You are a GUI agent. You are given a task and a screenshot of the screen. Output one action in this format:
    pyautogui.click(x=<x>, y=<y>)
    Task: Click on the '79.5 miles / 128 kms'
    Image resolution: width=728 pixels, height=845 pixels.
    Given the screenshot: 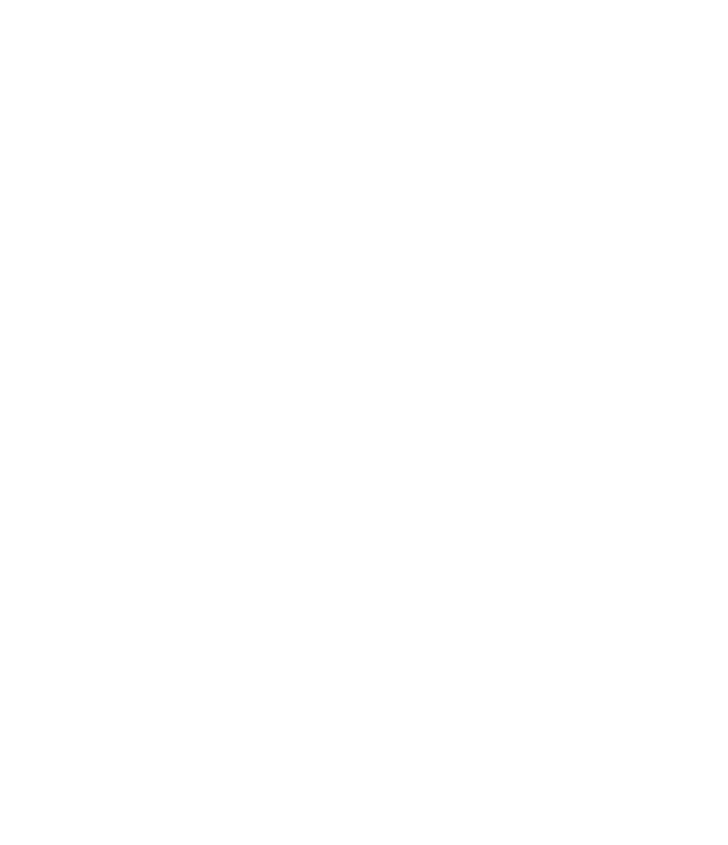 What is the action you would take?
    pyautogui.click(x=523, y=597)
    